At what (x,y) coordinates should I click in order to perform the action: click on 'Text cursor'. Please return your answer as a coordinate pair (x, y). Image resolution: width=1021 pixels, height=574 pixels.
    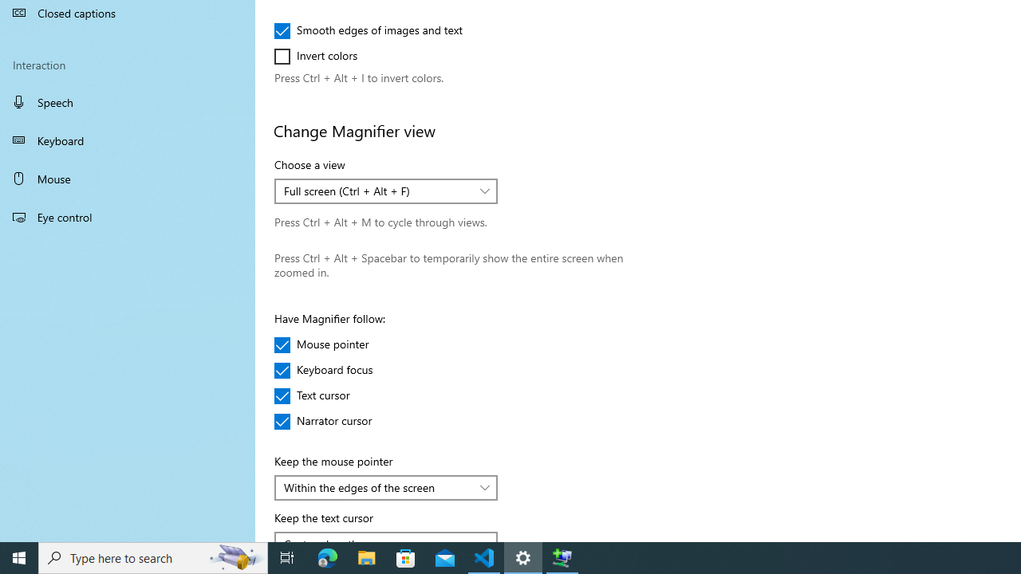
    Looking at the image, I should click on (321, 395).